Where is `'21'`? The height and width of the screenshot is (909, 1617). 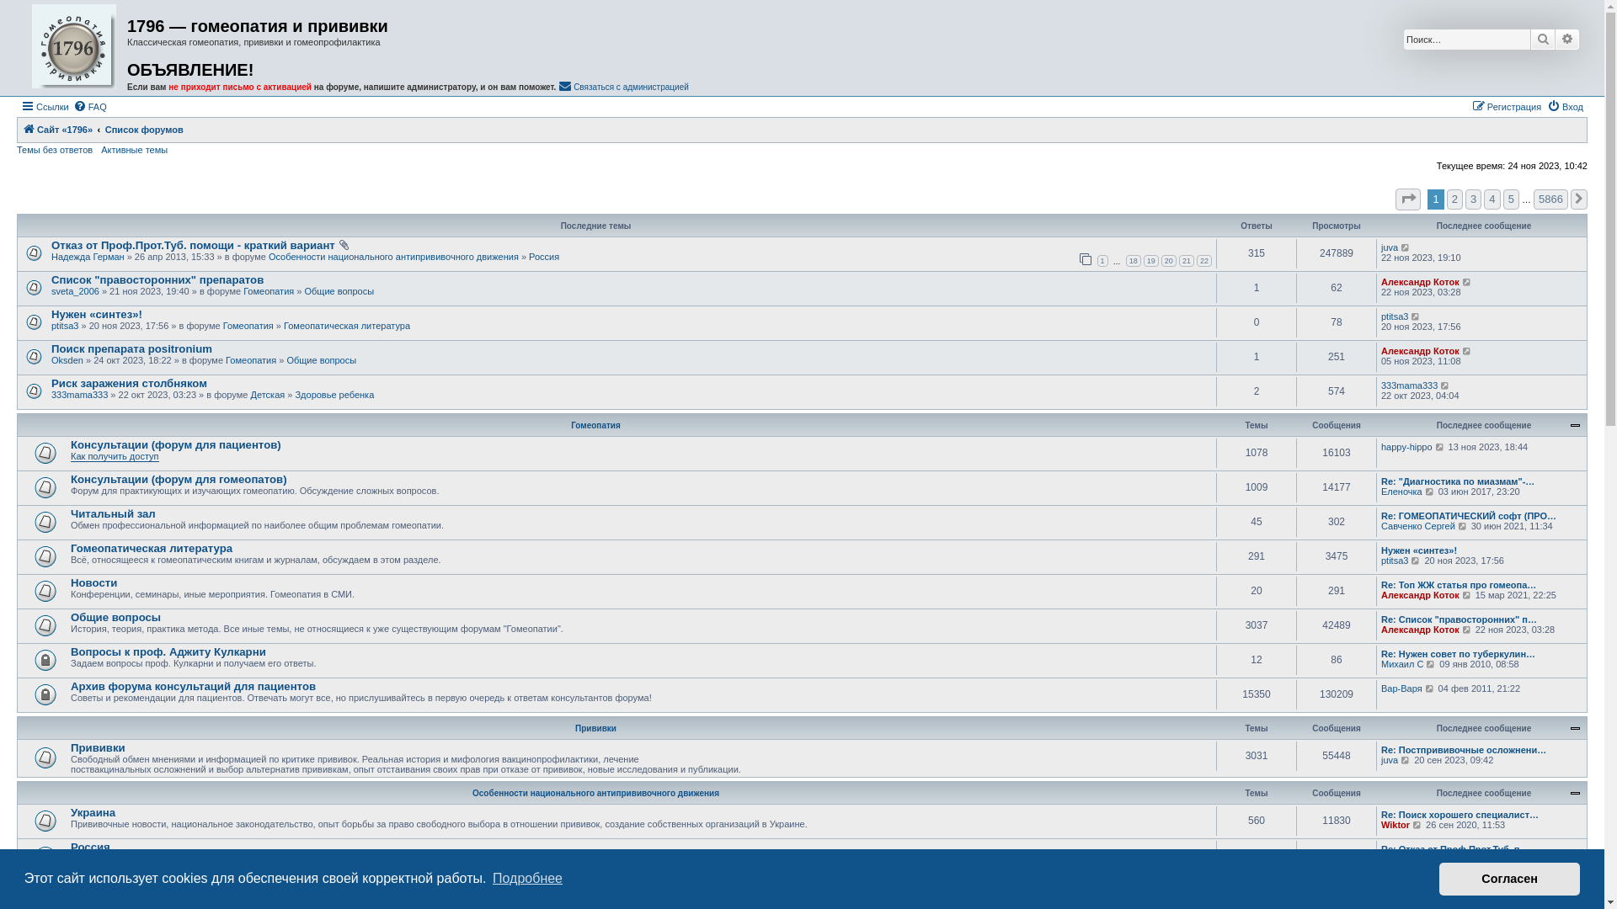
'21' is located at coordinates (1186, 260).